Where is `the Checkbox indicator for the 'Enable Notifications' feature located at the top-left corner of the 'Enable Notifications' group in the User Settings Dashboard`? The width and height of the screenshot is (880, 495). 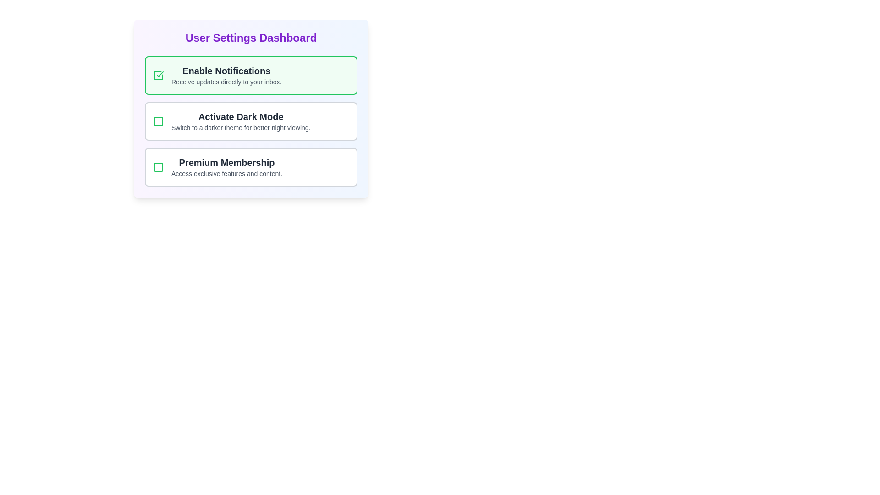
the Checkbox indicator for the 'Enable Notifications' feature located at the top-left corner of the 'Enable Notifications' group in the User Settings Dashboard is located at coordinates (158, 75).